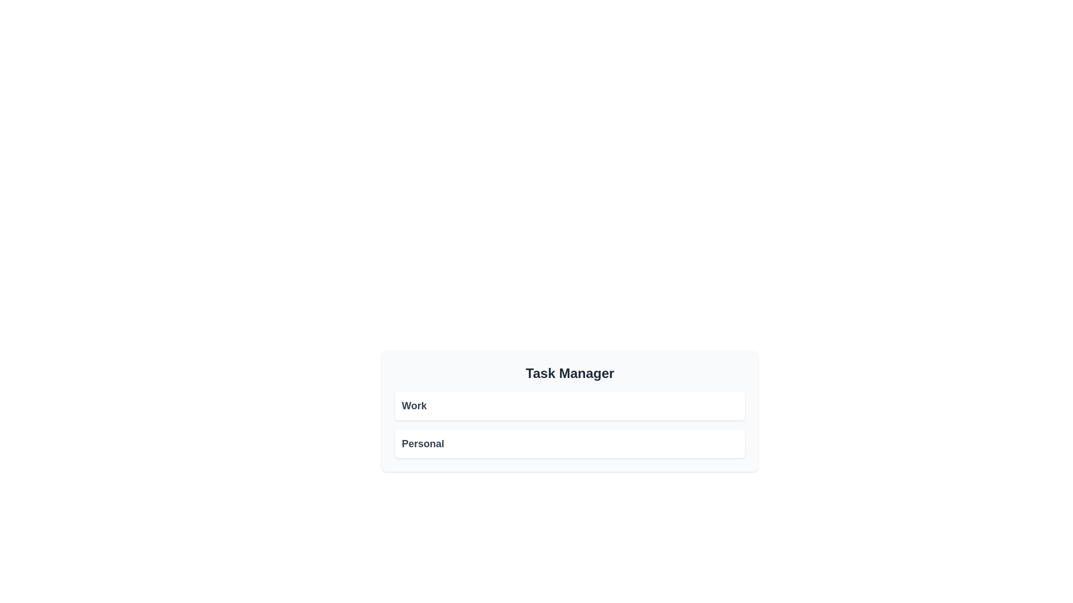  I want to click on the text label that reads 'Personal', which is styled in bold and dark gray, located below the 'Work' list item in the 'Task Manager', so click(422, 443).